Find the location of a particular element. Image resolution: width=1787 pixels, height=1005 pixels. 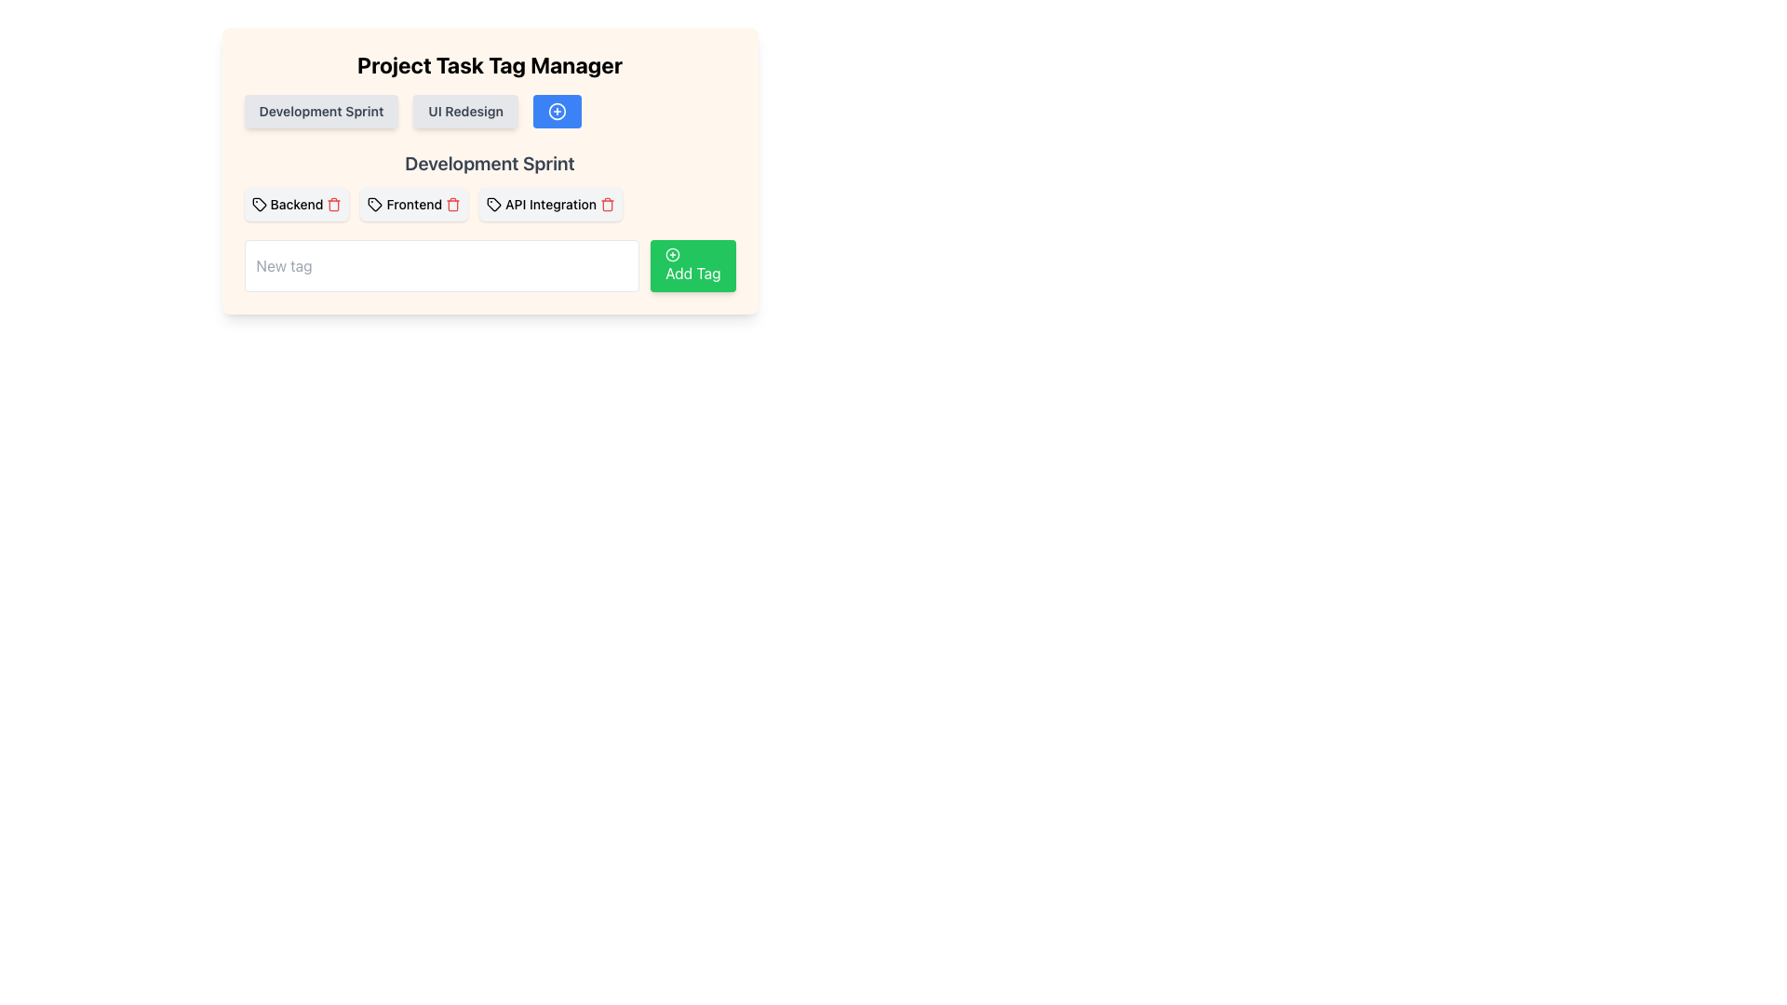

the delete button of the tag labeled 'API Integration' within the group of tags displayed under the title 'Development Sprint' for visual feedback is located at coordinates (490, 204).